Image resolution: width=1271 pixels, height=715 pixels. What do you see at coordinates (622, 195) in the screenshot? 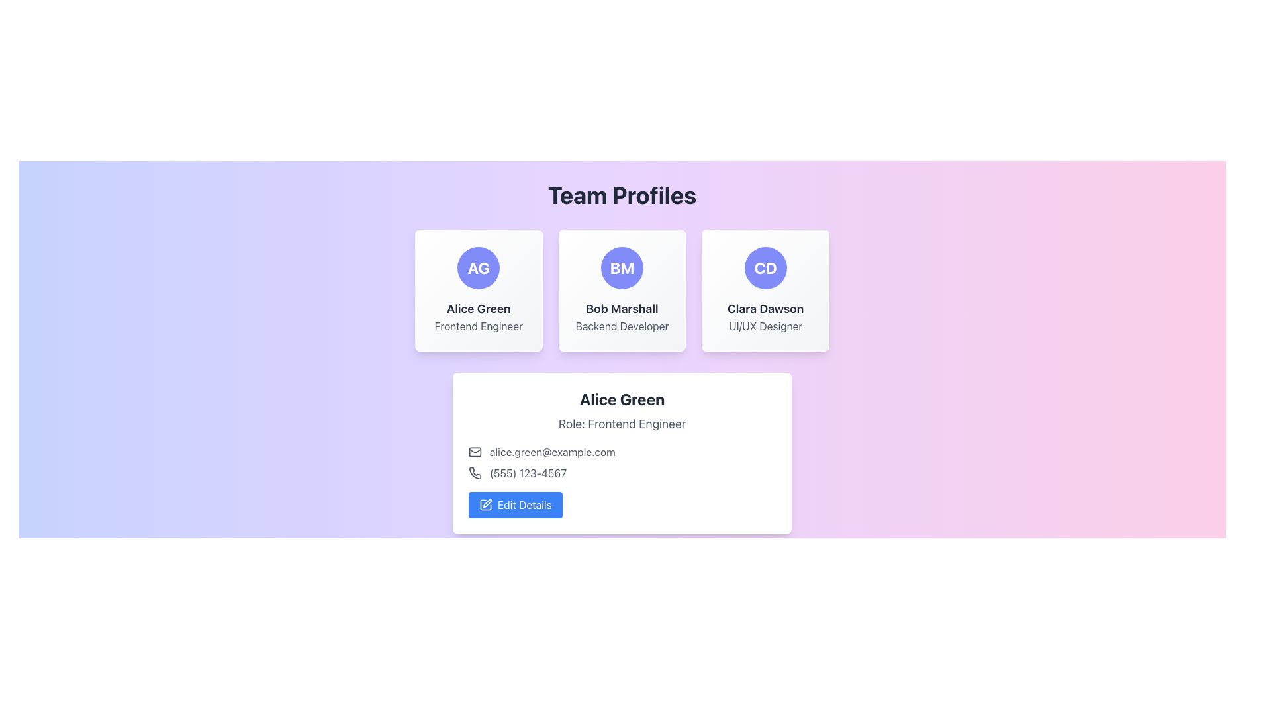
I see `the 'Team Profiles' text label, which is a bold and prominent section header styled in dark gray on a gradient background` at bounding box center [622, 195].